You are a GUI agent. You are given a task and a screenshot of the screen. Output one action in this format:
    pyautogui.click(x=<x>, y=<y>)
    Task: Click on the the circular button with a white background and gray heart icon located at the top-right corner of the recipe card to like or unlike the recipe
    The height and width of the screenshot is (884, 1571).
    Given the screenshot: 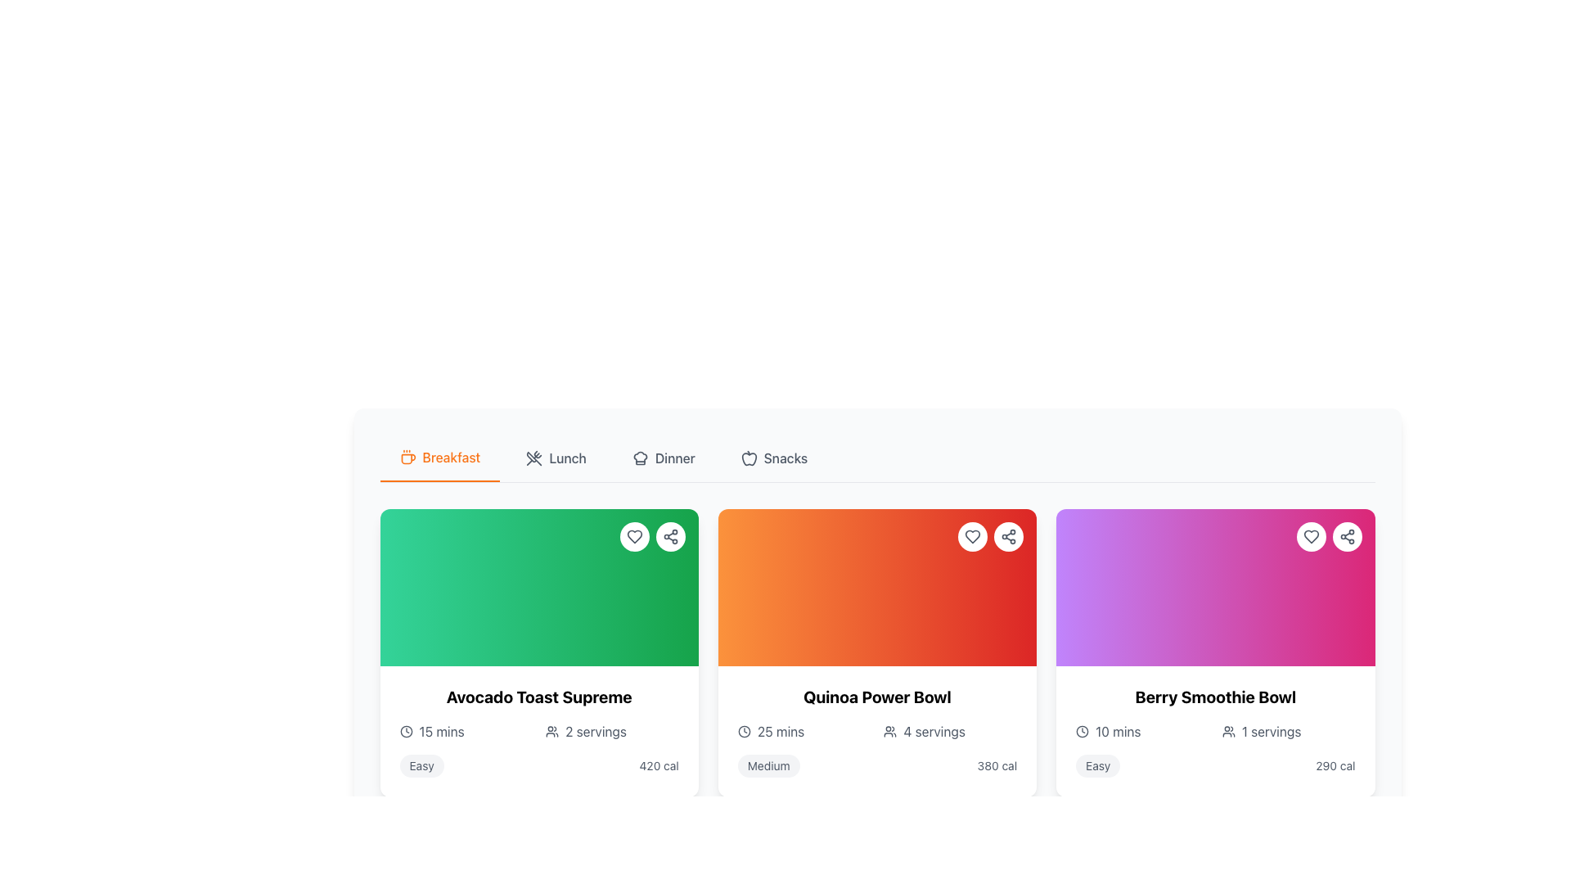 What is the action you would take?
    pyautogui.click(x=973, y=536)
    